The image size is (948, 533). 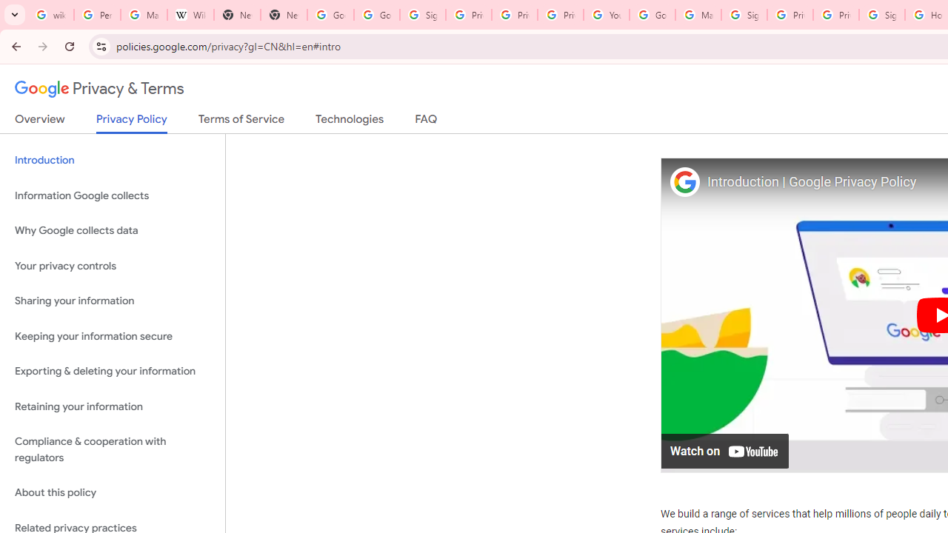 What do you see at coordinates (112, 265) in the screenshot?
I see `'Your privacy controls'` at bounding box center [112, 265].